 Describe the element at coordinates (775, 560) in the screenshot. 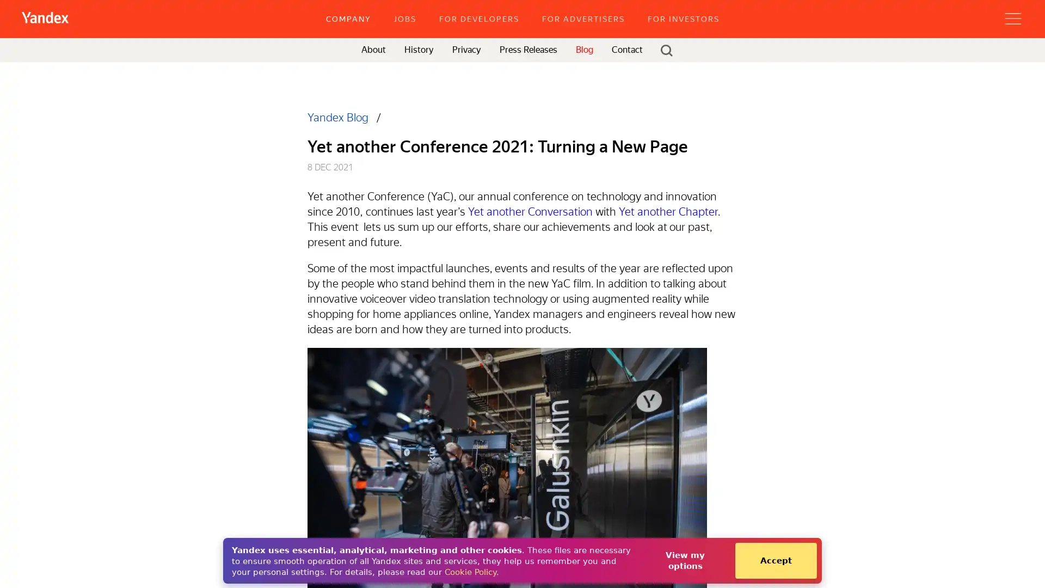

I see `Accept` at that location.